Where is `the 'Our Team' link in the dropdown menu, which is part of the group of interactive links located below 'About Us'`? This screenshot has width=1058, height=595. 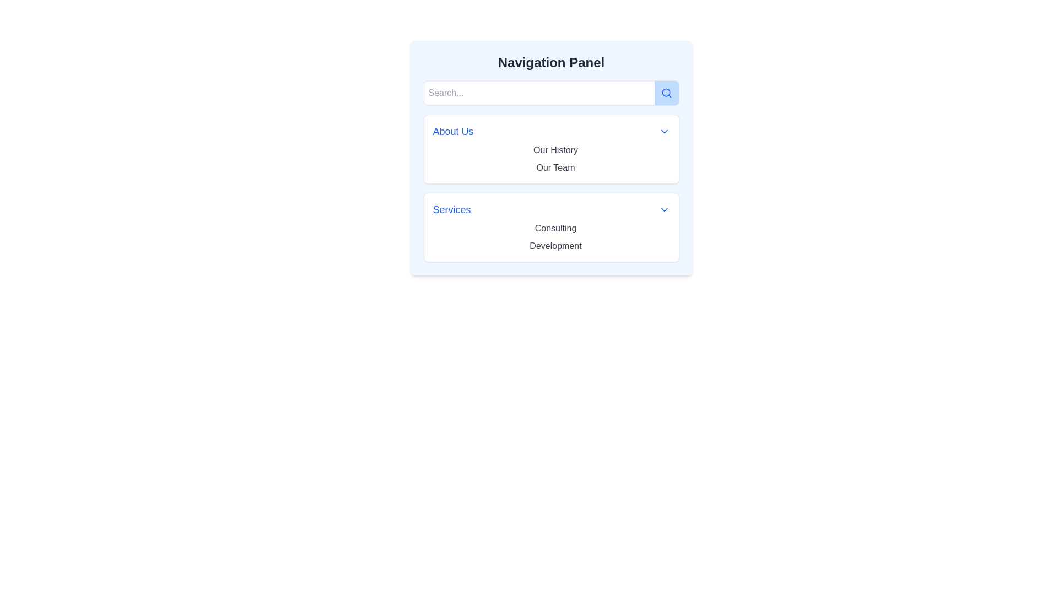
the 'Our Team' link in the dropdown menu, which is part of the group of interactive links located below 'About Us' is located at coordinates (550, 159).